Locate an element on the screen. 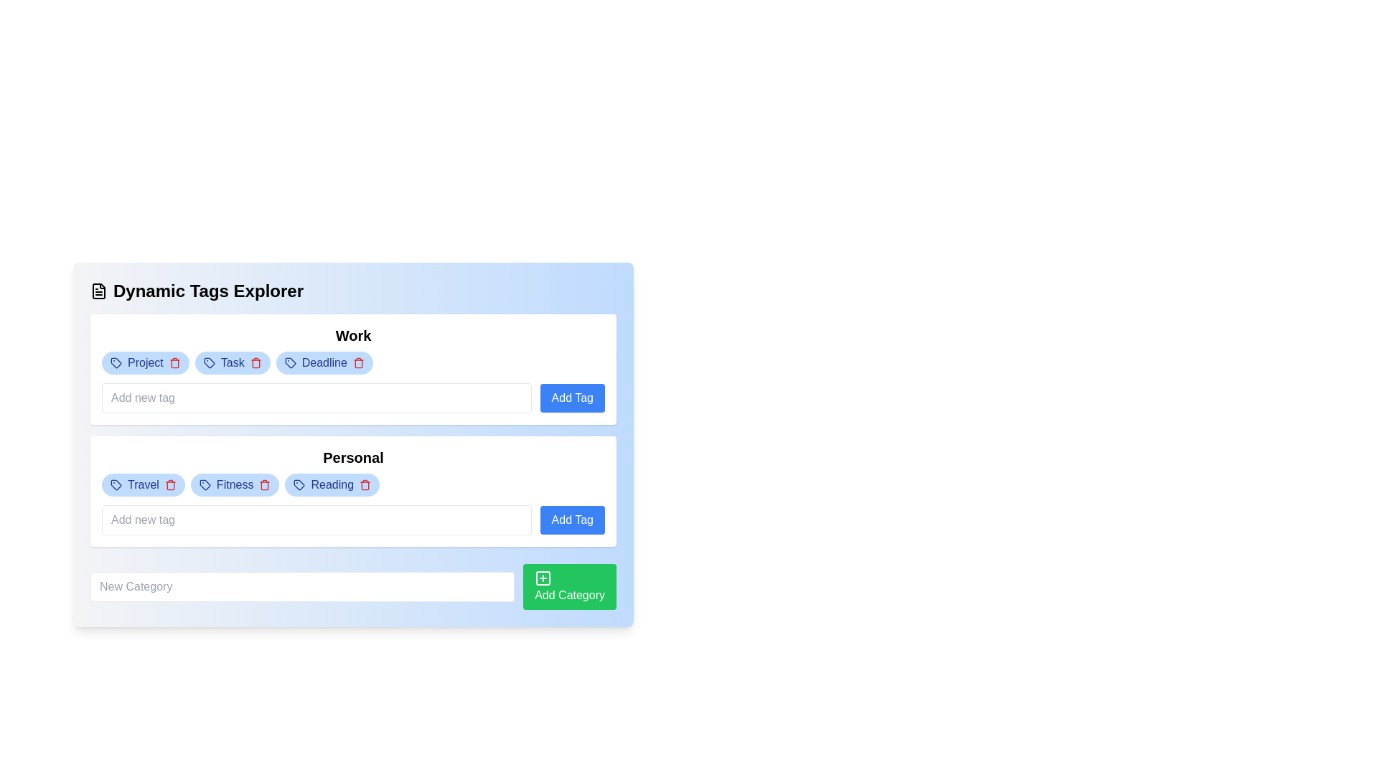 The width and height of the screenshot is (1378, 775). the Remove Icon located to the right of the 'Task' tag label in the 'Work' section is located at coordinates (256, 363).